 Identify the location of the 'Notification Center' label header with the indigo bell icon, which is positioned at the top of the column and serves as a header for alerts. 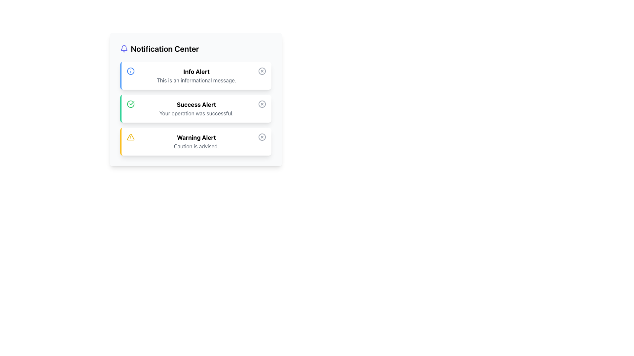
(195, 48).